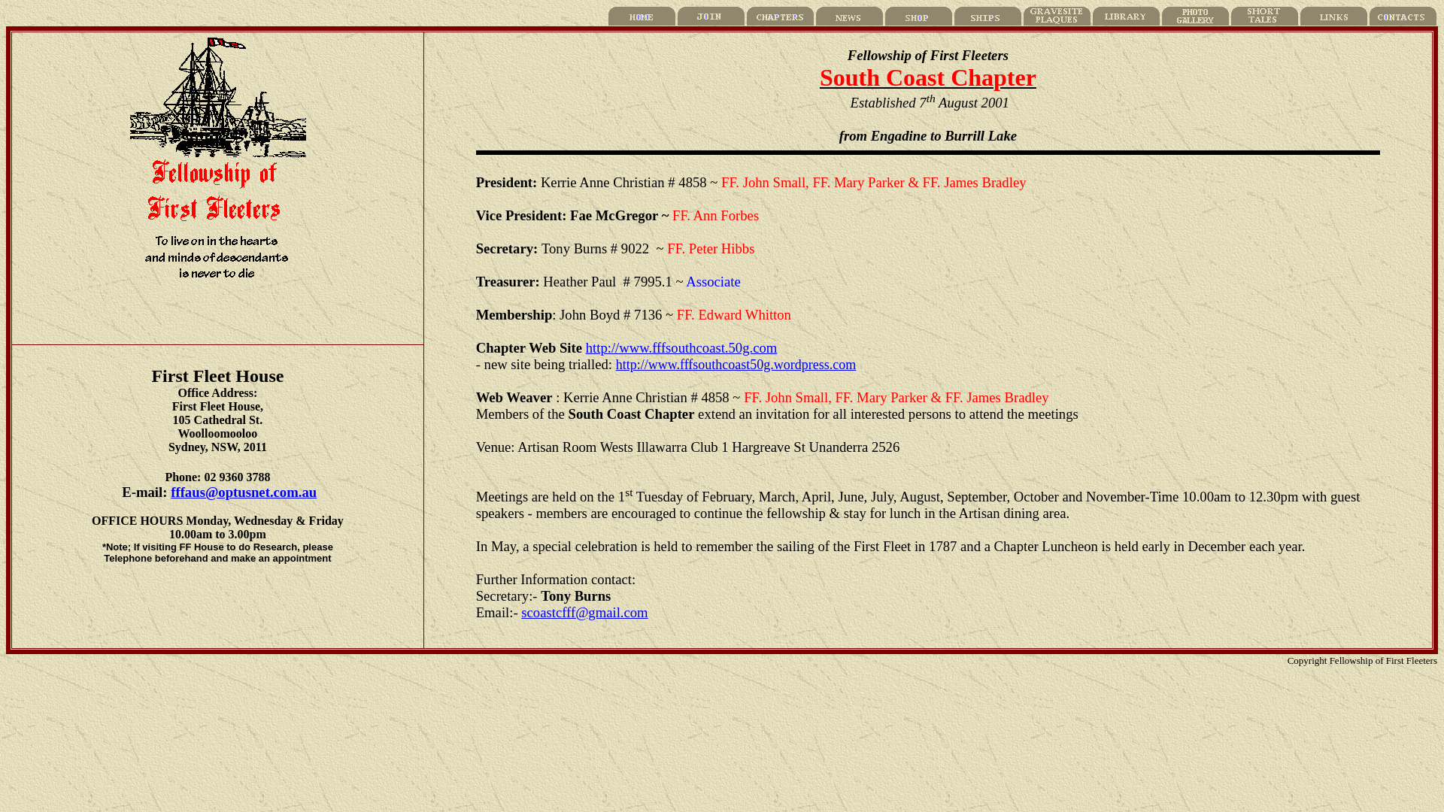 The image size is (1444, 812). Describe the element at coordinates (584, 612) in the screenshot. I see `'scoastcfff@gmail.com'` at that location.